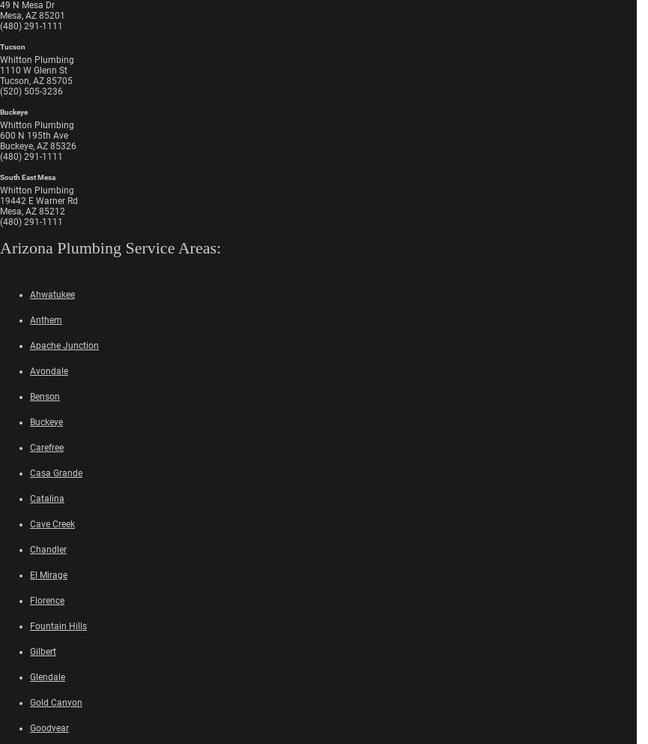 The height and width of the screenshot is (744, 648). Describe the element at coordinates (64, 344) in the screenshot. I see `'Apache Junction'` at that location.